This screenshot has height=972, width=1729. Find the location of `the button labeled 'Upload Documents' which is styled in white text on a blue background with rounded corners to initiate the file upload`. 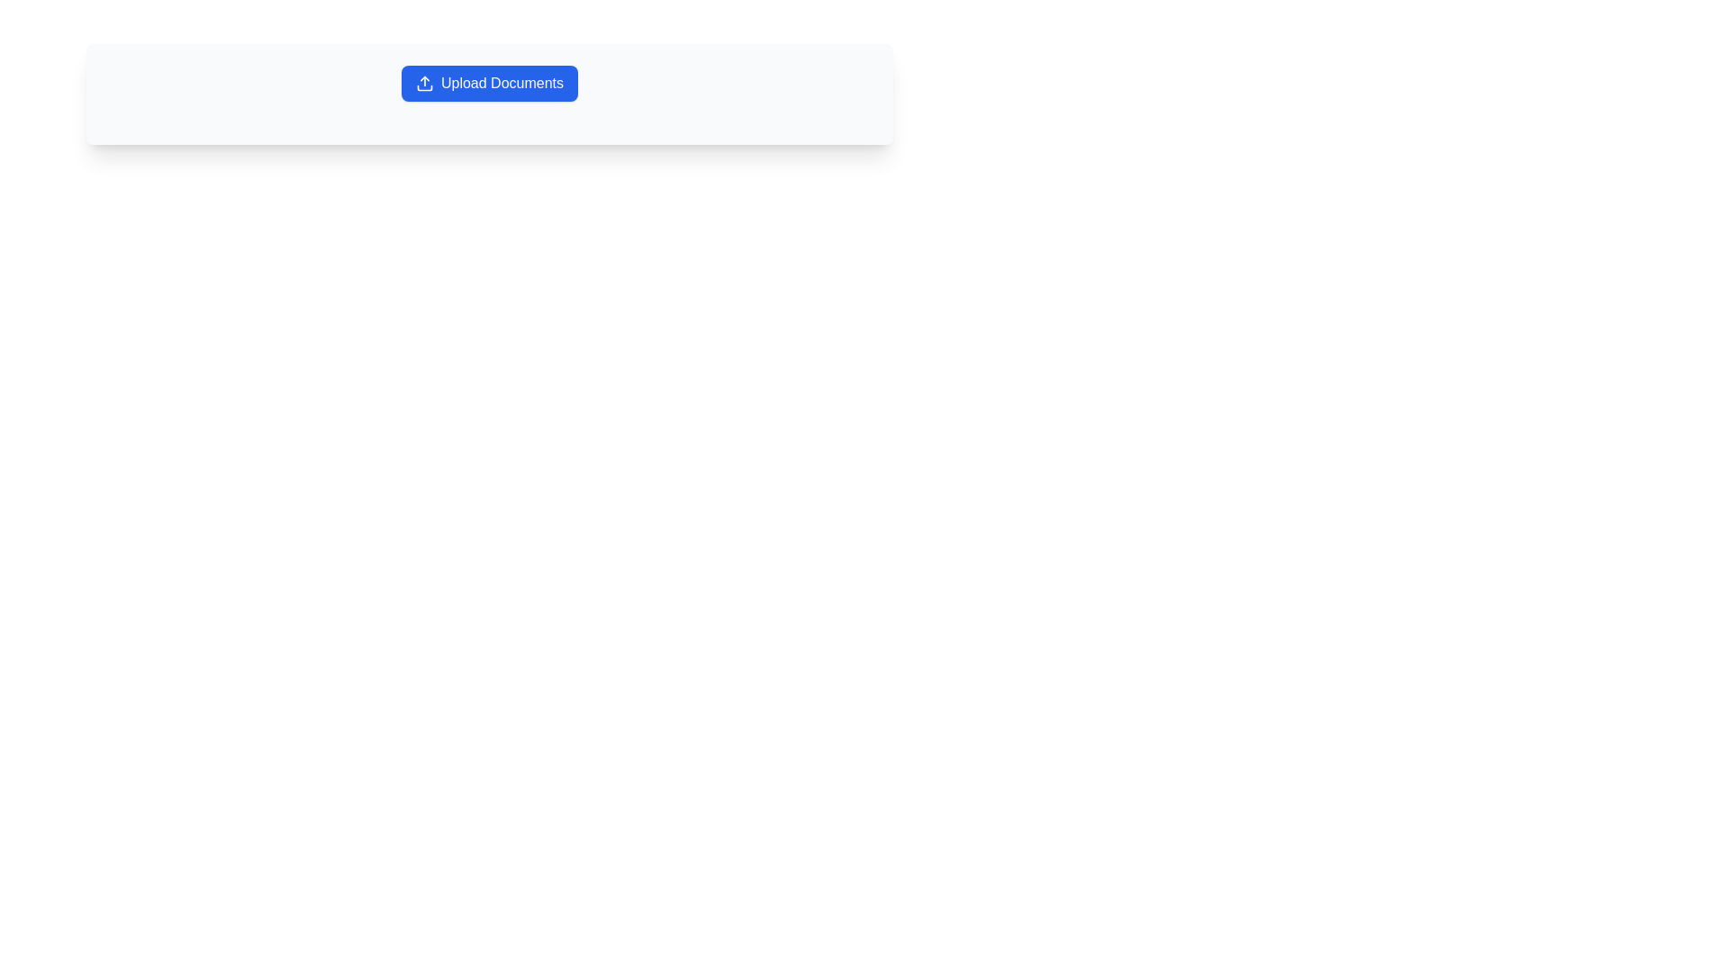

the button labeled 'Upload Documents' which is styled in white text on a blue background with rounded corners to initiate the file upload is located at coordinates (502, 83).